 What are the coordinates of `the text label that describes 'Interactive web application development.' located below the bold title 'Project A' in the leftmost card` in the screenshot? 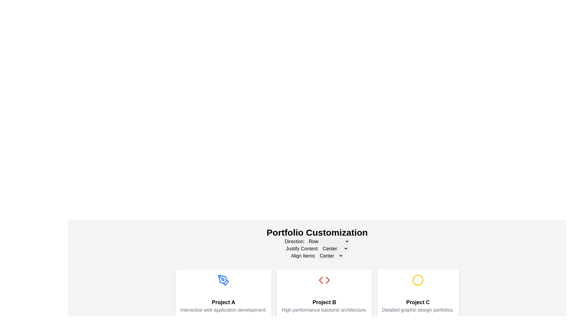 It's located at (223, 306).